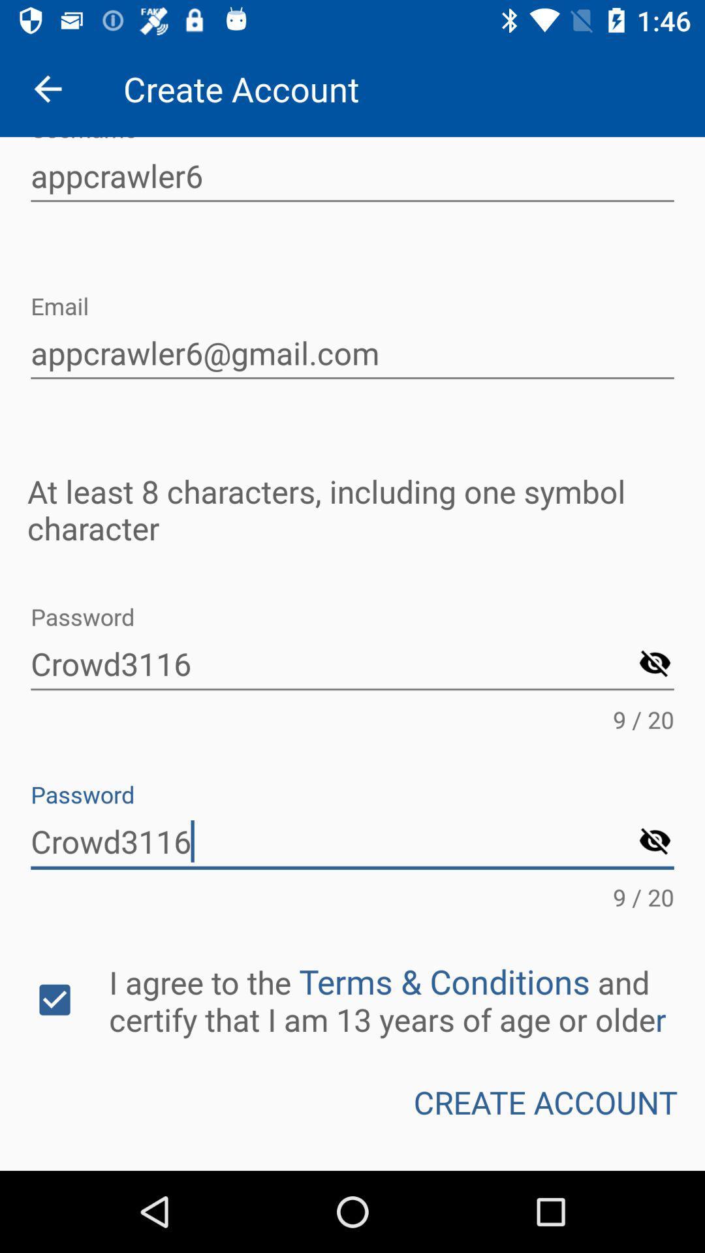  I want to click on password symbol, so click(655, 842).